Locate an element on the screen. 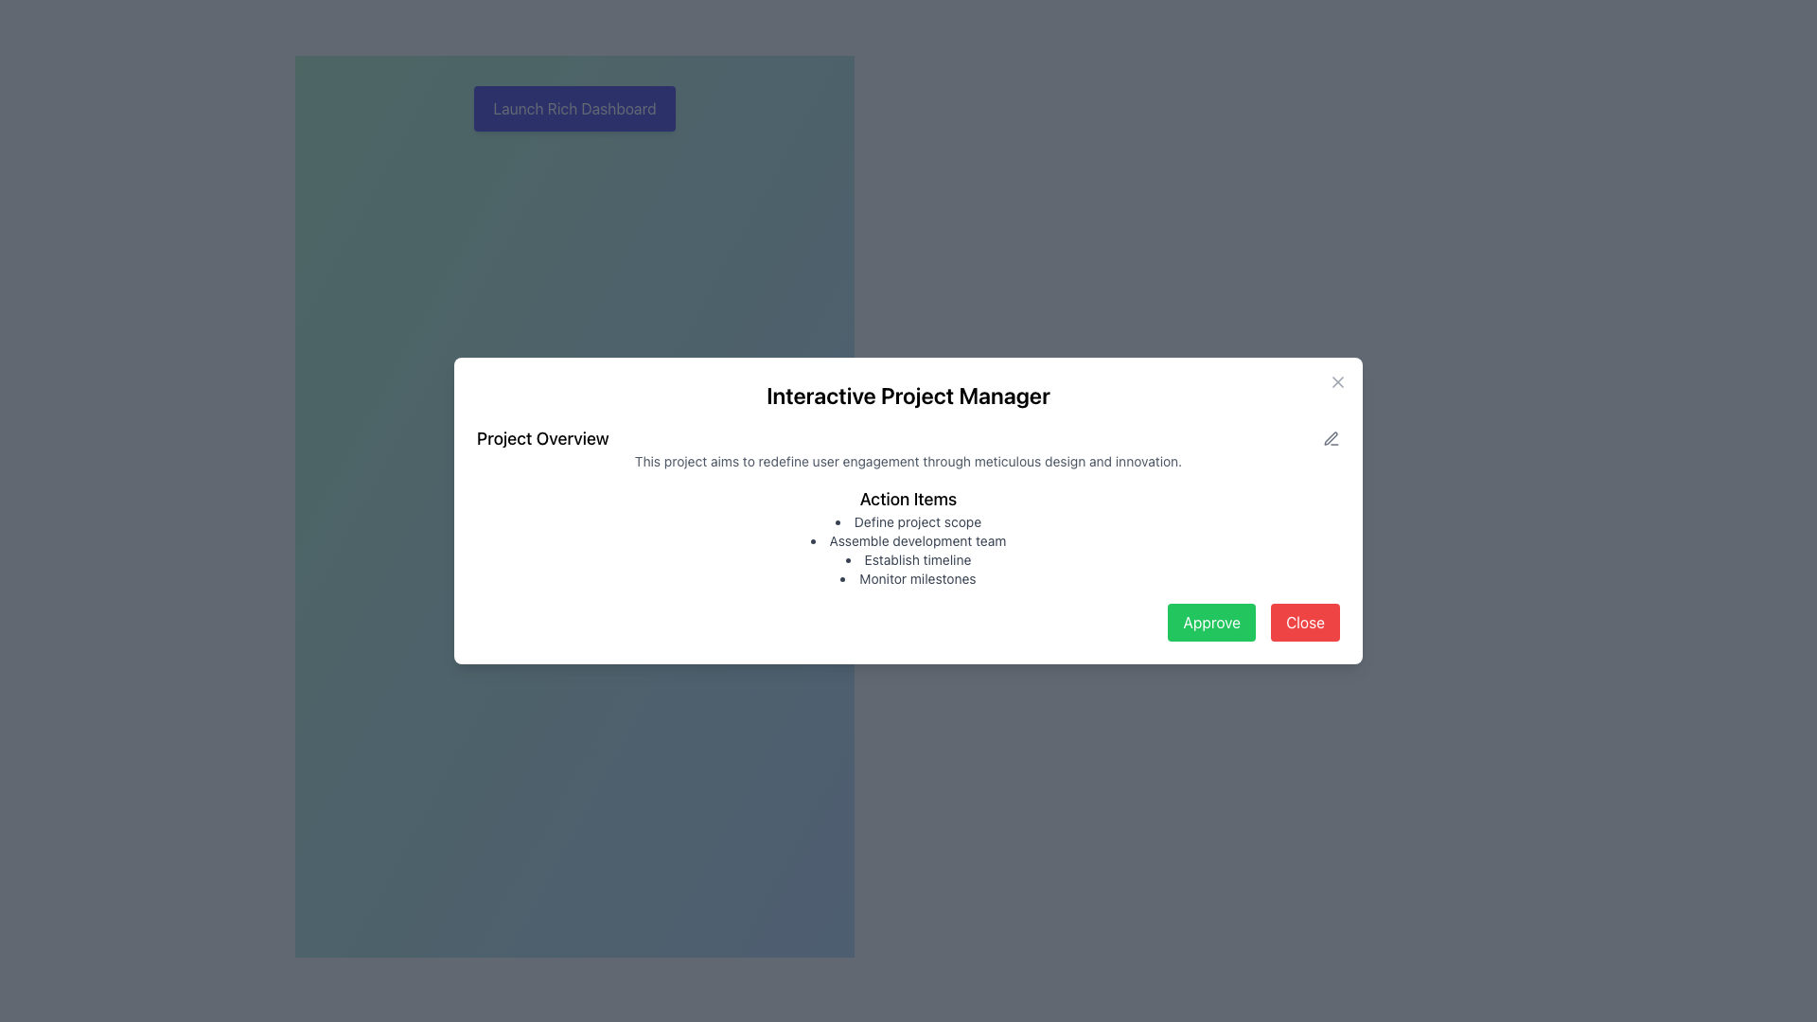 Image resolution: width=1817 pixels, height=1022 pixels. the bulleted items in the Informational panel located in the 'Interactive Project Manager' modal dialog is located at coordinates (908, 533).